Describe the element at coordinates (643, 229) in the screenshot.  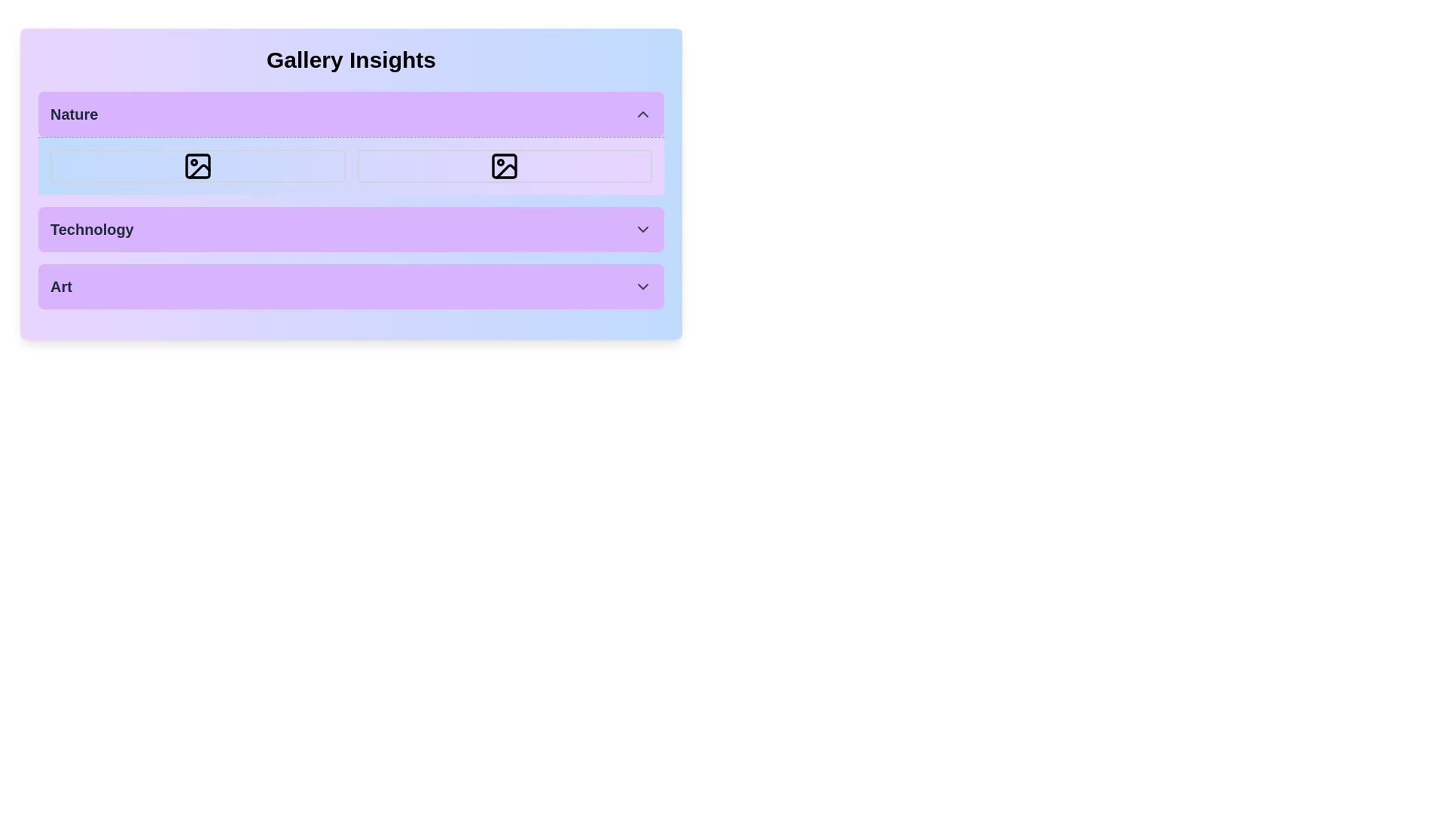
I see `the downward-pointing chevron icon with a dark gray color, located on the right side of the 'Technology' section, to trigger a tooltip or visual effect` at that location.